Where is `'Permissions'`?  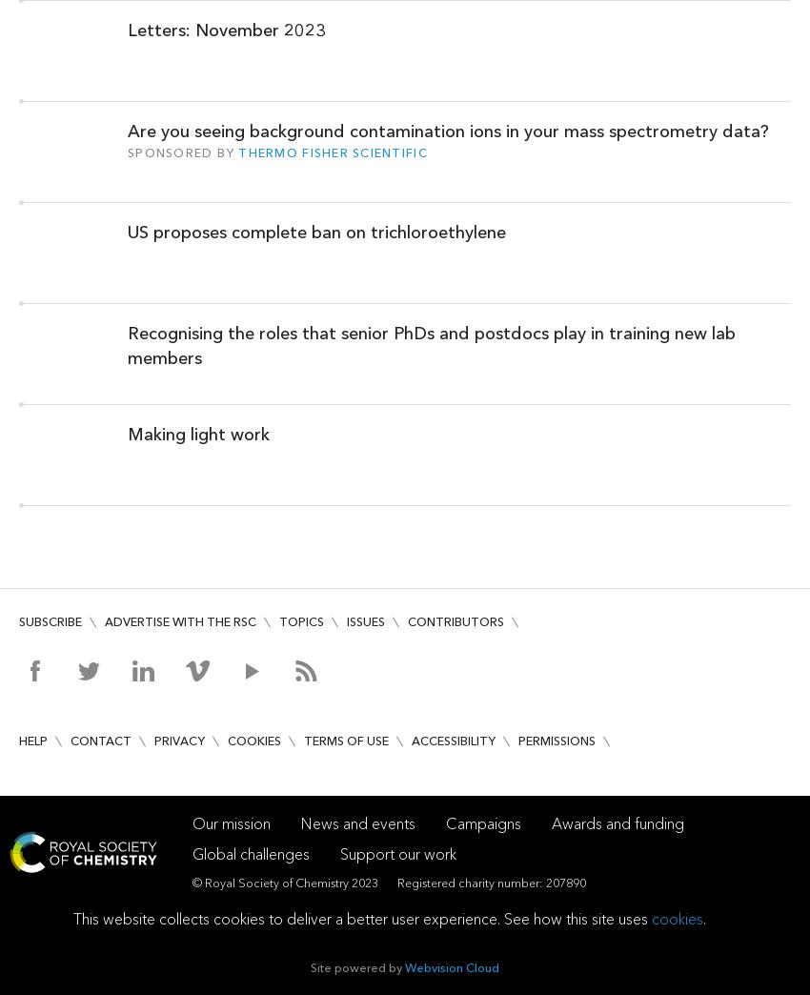
'Permissions' is located at coordinates (557, 740).